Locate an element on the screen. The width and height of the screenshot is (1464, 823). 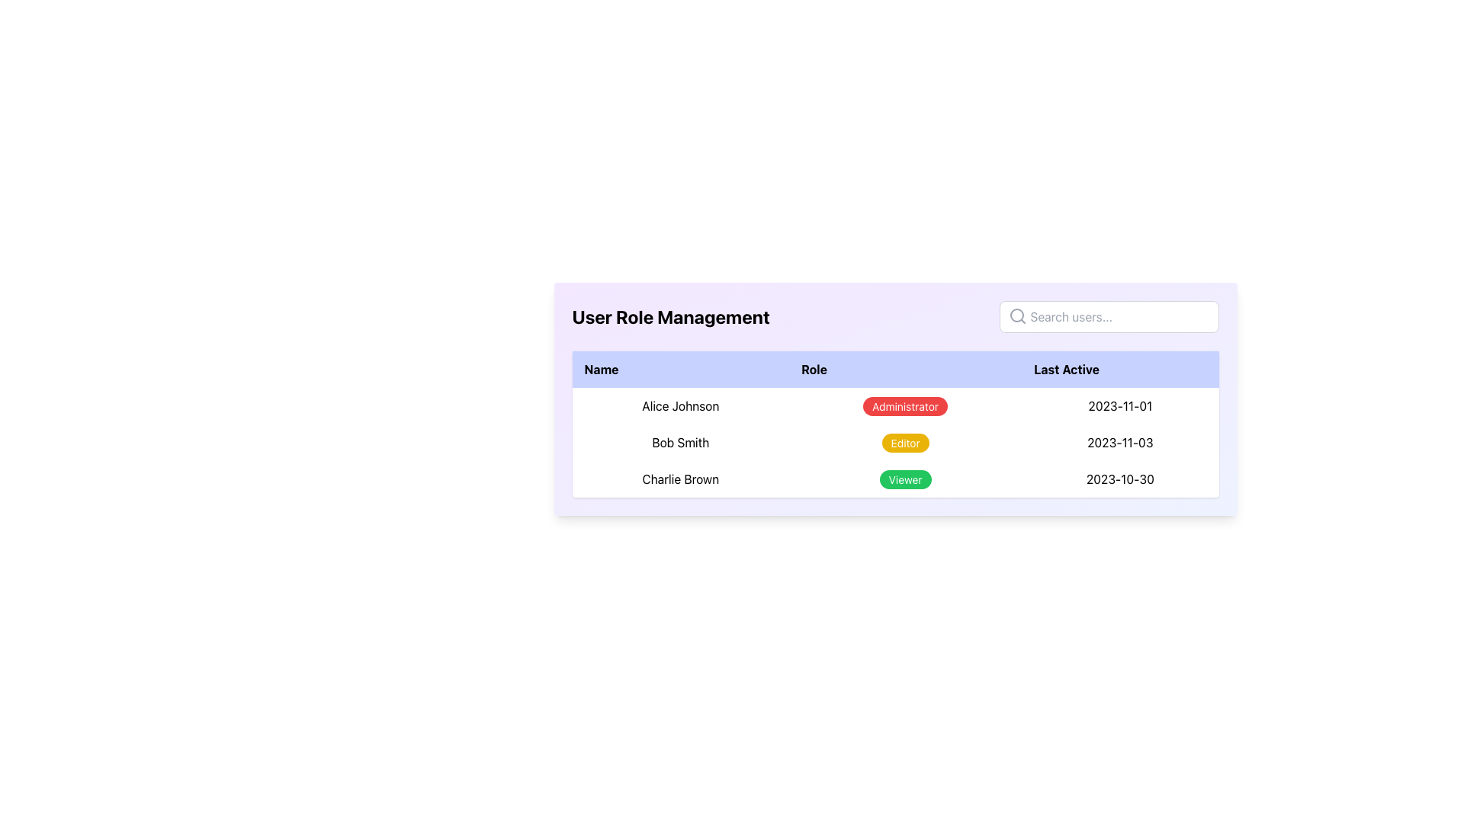
the text header displaying 'Charlie Brown' in the 'Name' column of the 'User Role Management' table, which is the third item in the list is located at coordinates (679, 478).